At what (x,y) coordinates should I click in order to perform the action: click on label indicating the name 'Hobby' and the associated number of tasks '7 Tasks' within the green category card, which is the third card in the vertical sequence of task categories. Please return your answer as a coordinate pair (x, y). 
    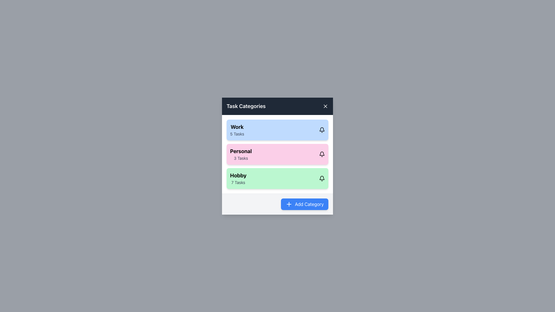
    Looking at the image, I should click on (238, 178).